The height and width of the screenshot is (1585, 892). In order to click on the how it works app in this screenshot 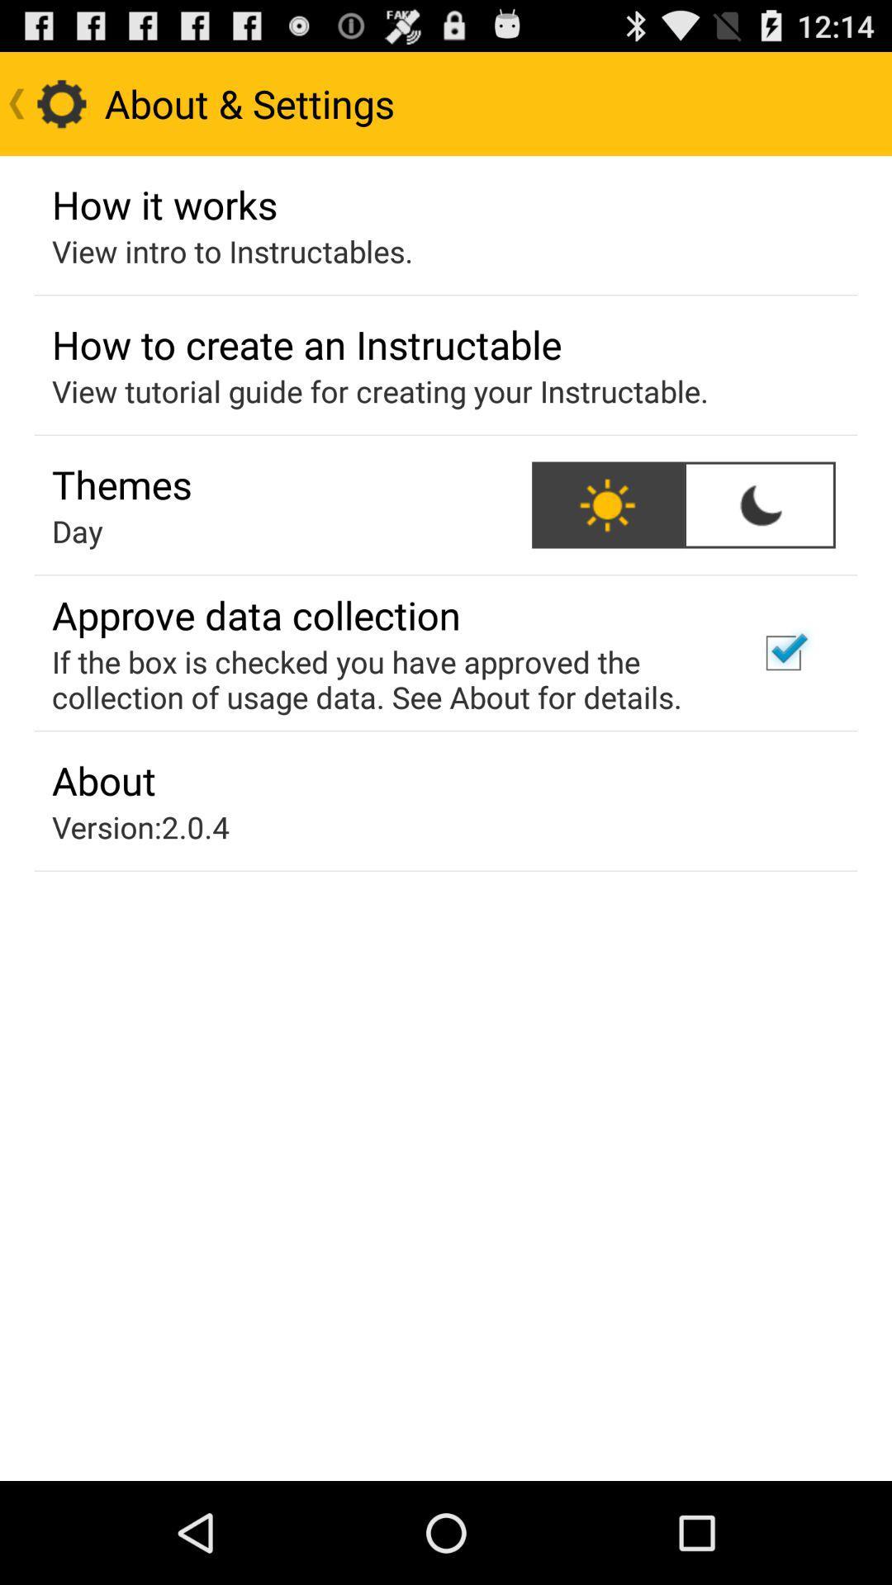, I will do `click(164, 203)`.